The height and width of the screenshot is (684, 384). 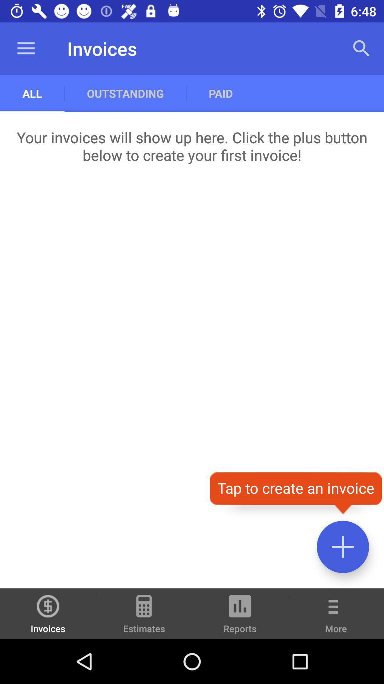 What do you see at coordinates (144, 617) in the screenshot?
I see `the icon to the left of the reports icon` at bounding box center [144, 617].